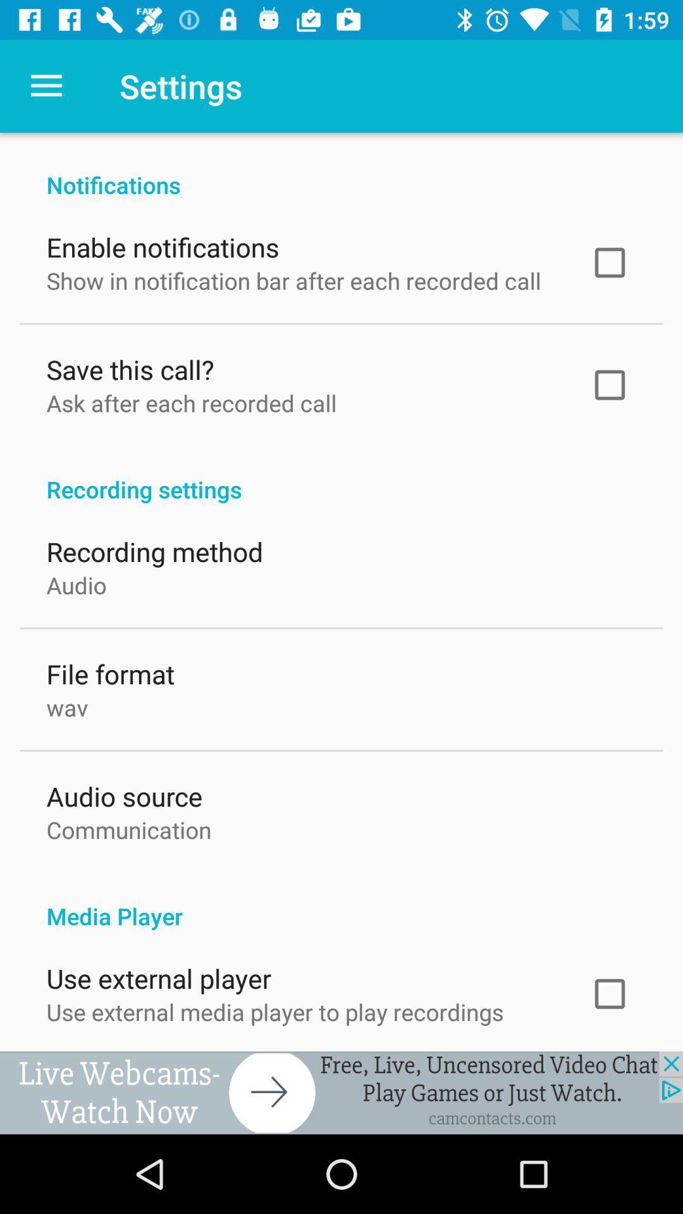 Image resolution: width=683 pixels, height=1214 pixels. I want to click on the enable notifications icon, so click(162, 244).